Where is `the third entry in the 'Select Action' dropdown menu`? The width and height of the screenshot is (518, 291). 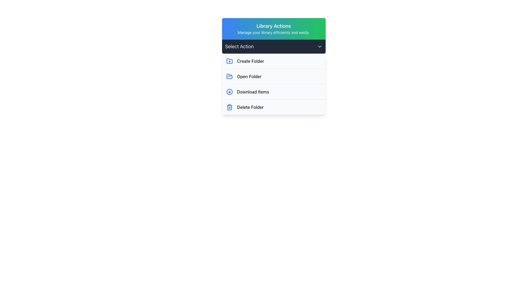
the third entry in the 'Select Action' dropdown menu is located at coordinates (274, 91).